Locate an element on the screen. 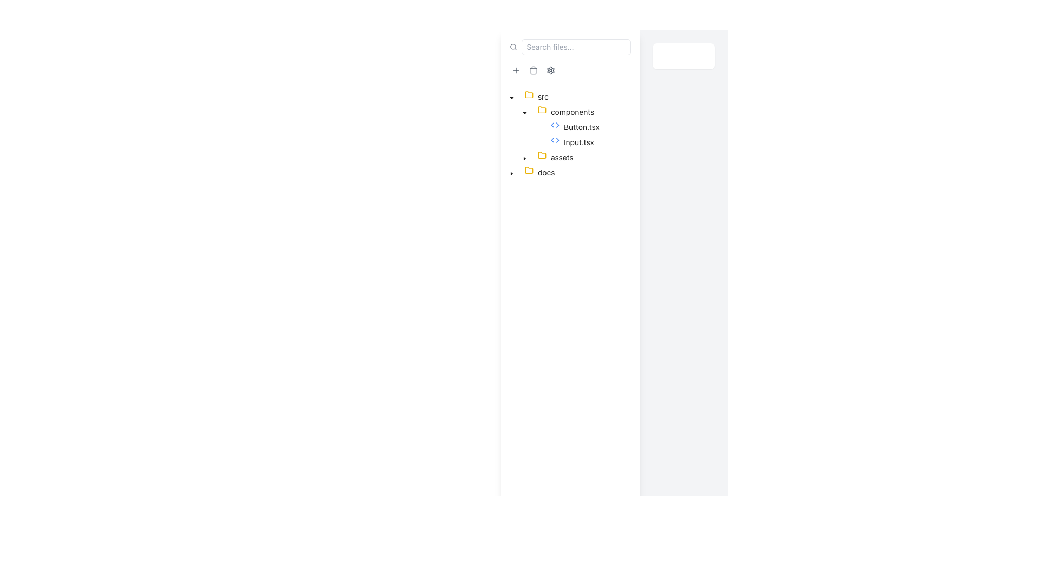 This screenshot has height=585, width=1040. the text label of the 'src' folder item is located at coordinates (543, 96).